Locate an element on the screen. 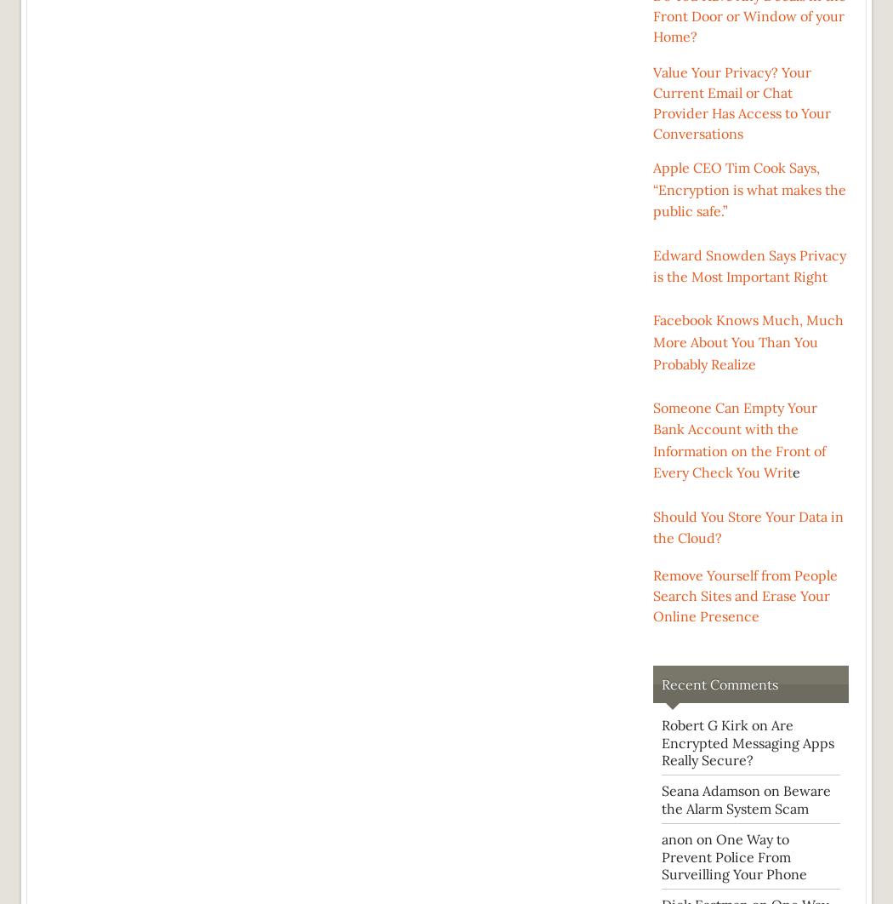 Image resolution: width=893 pixels, height=904 pixels. 'e' is located at coordinates (796, 472).